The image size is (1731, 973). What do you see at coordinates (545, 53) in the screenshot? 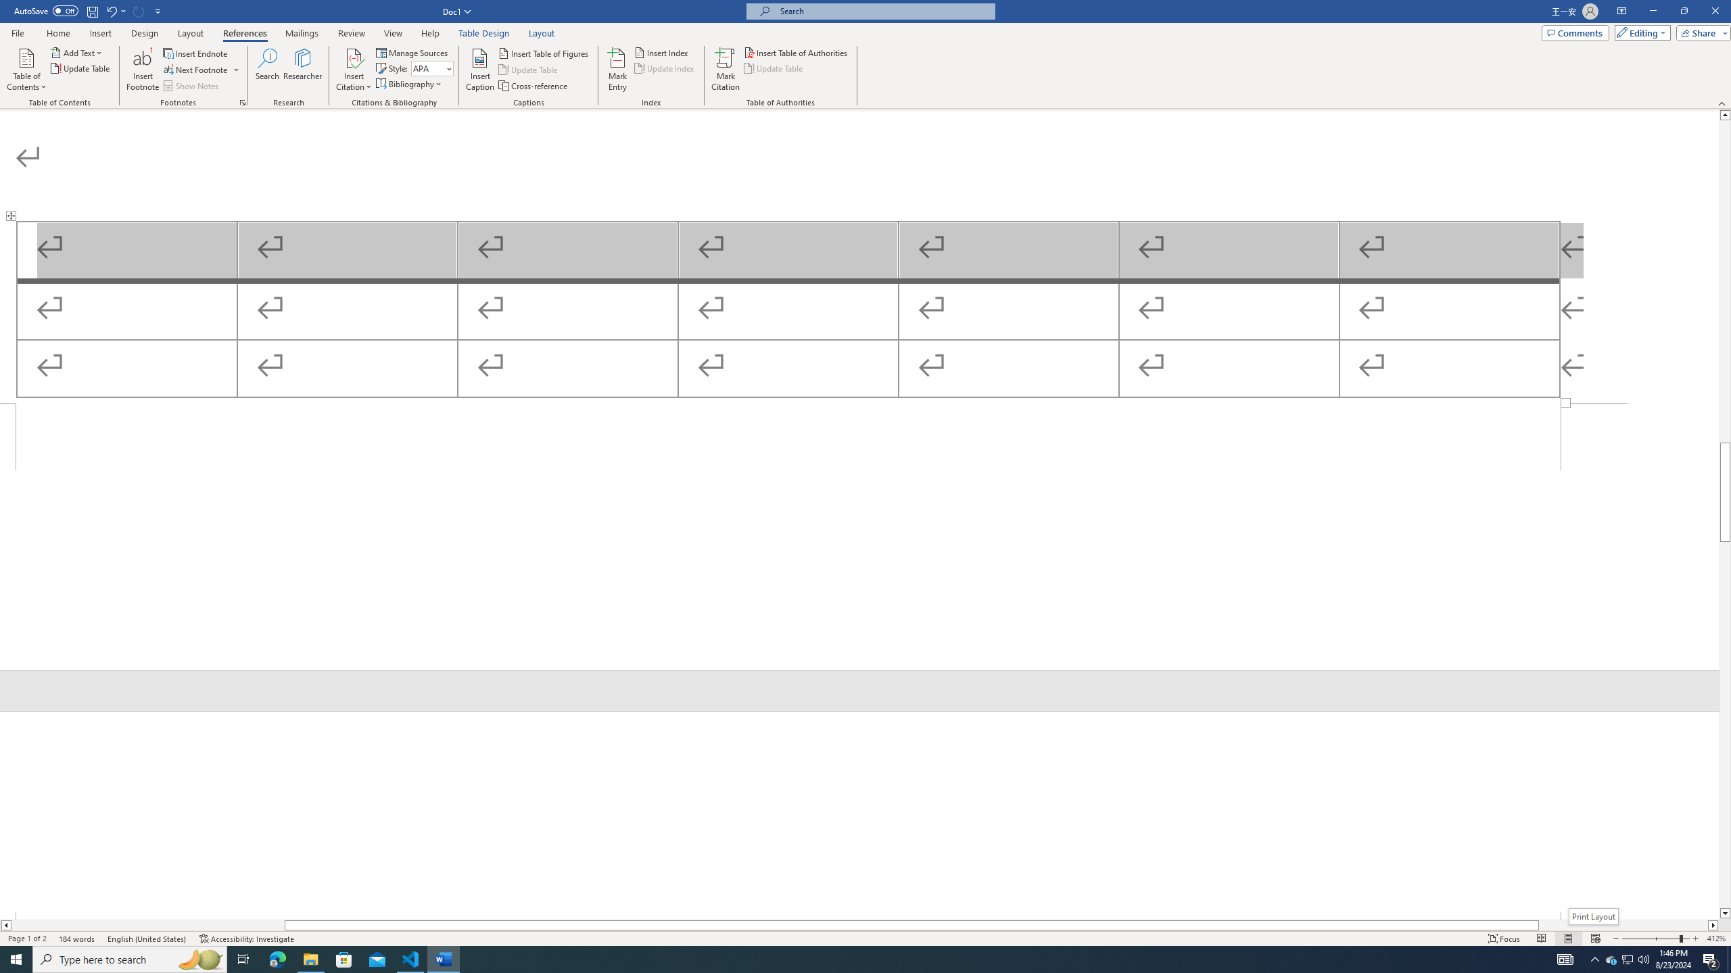
I see `'Insert Table of Figures...'` at bounding box center [545, 53].